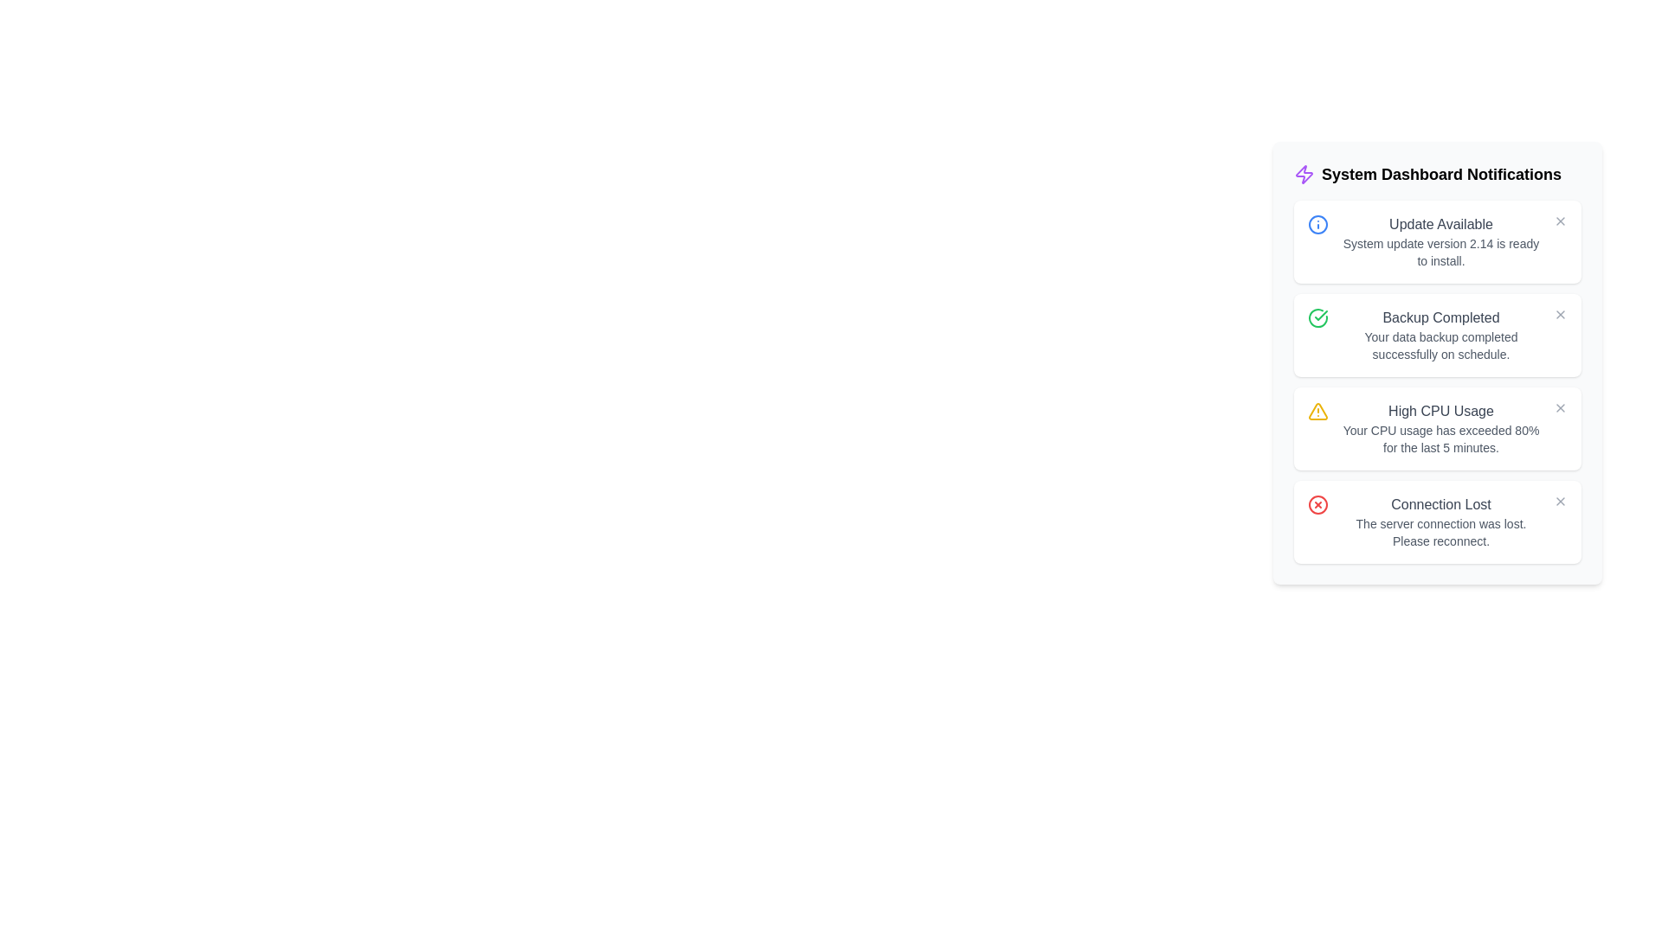 The image size is (1662, 934). I want to click on message informing the user about a network issue, located below the title 'Connection Lost' in the fourth notification card, so click(1441, 532).